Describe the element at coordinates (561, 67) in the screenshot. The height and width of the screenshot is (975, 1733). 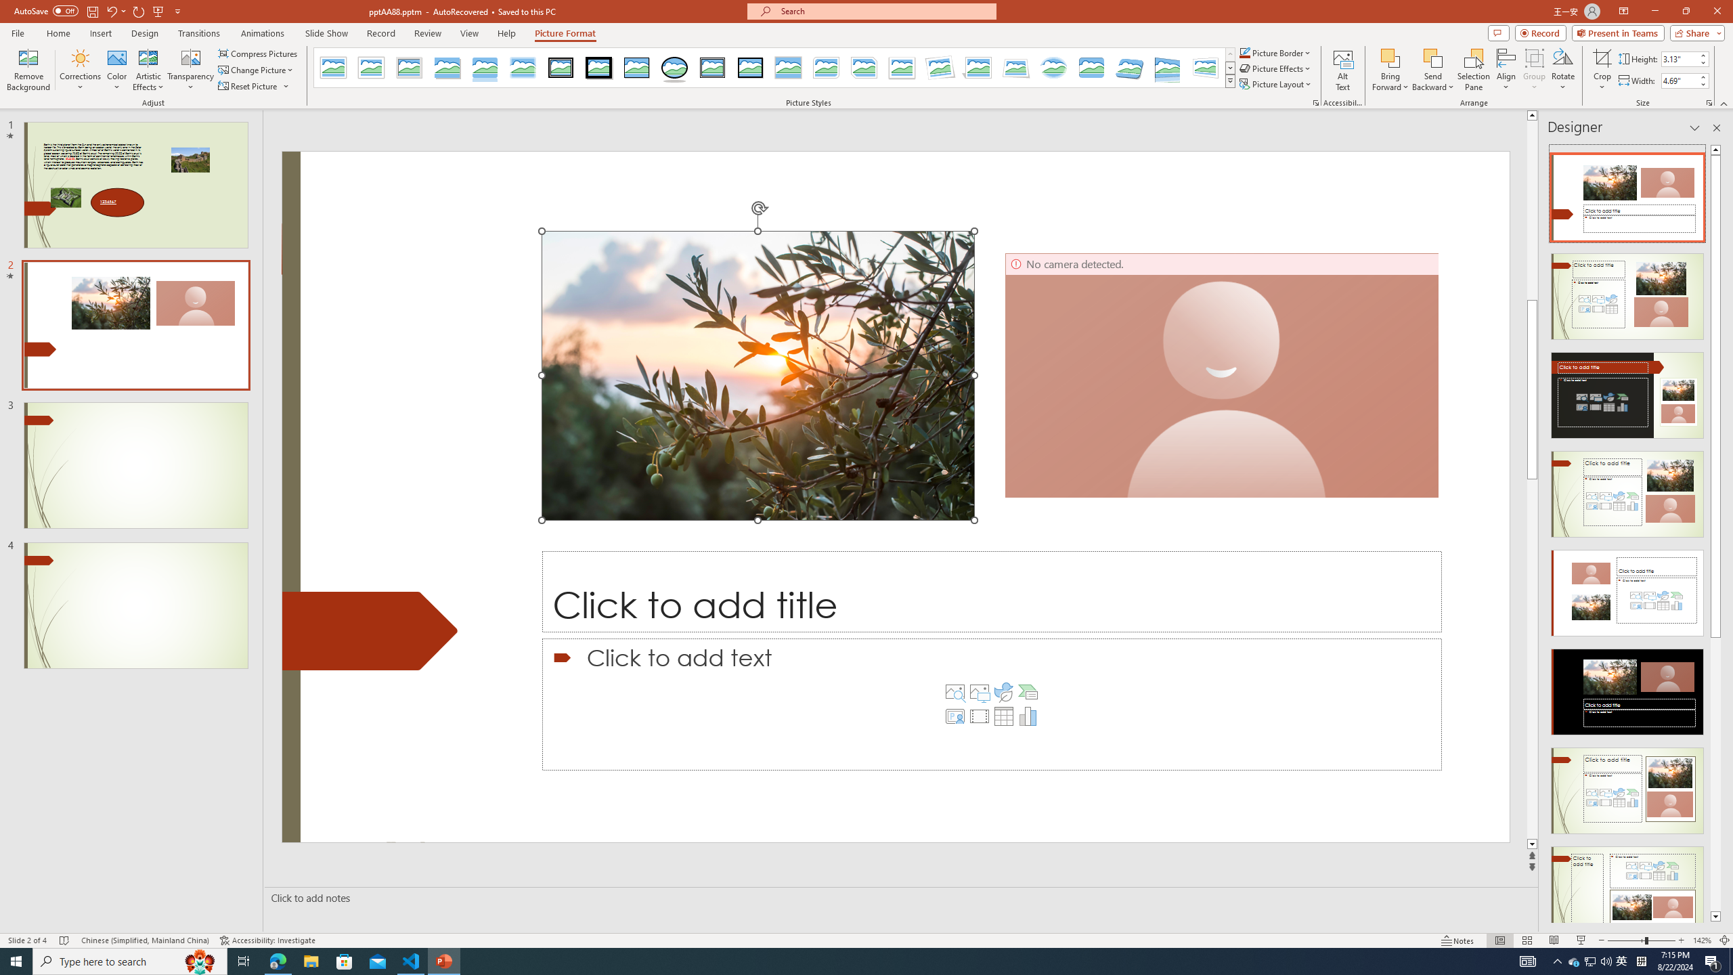
I see `'Double Frame, Black'` at that location.